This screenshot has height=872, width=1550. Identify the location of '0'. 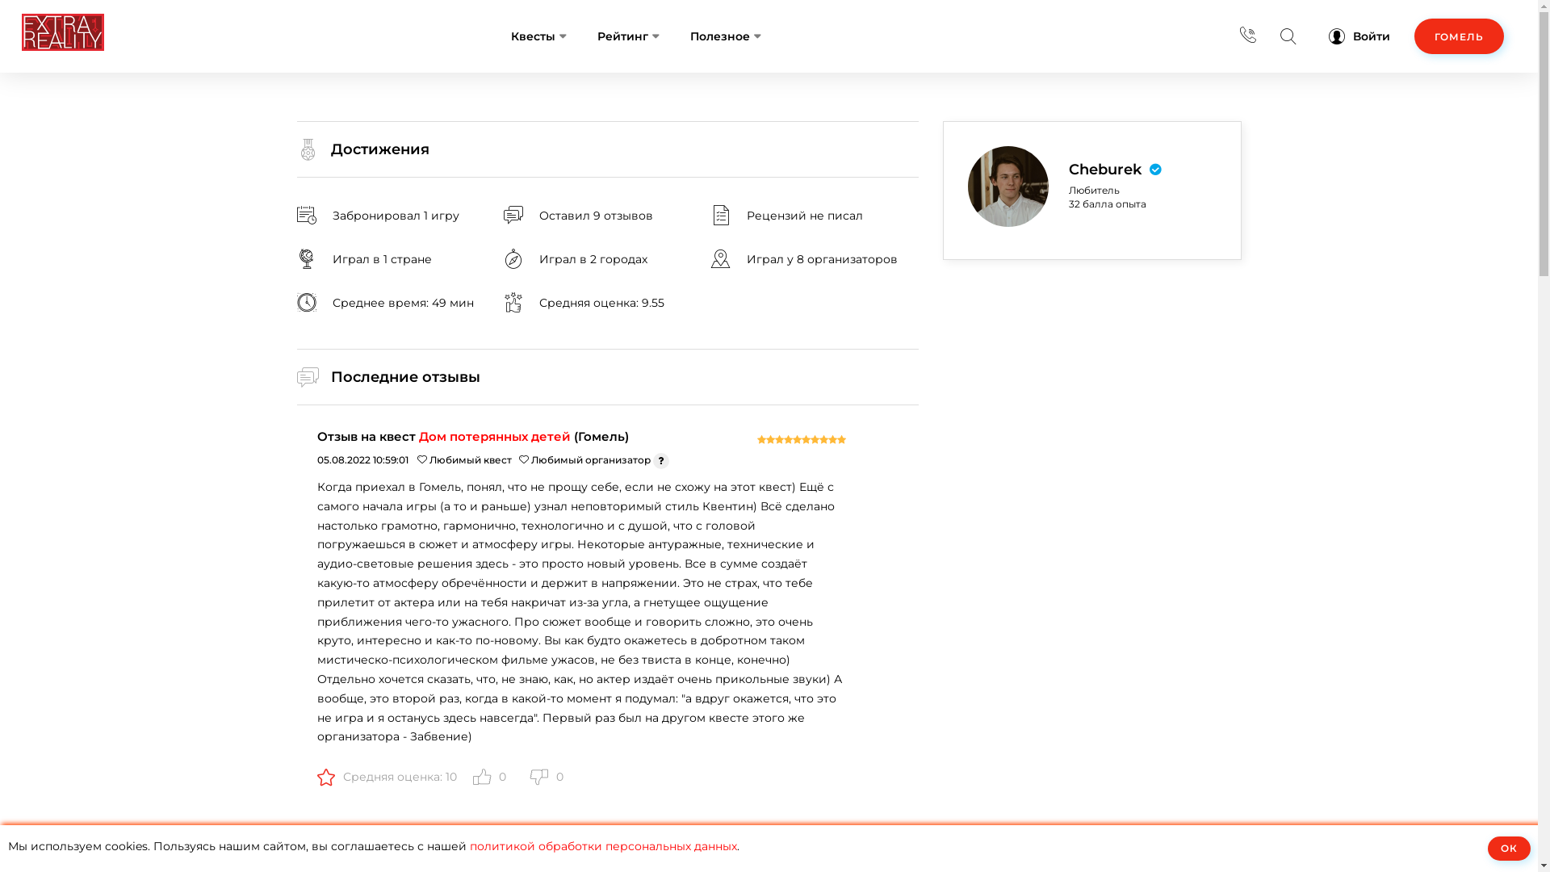
(546, 775).